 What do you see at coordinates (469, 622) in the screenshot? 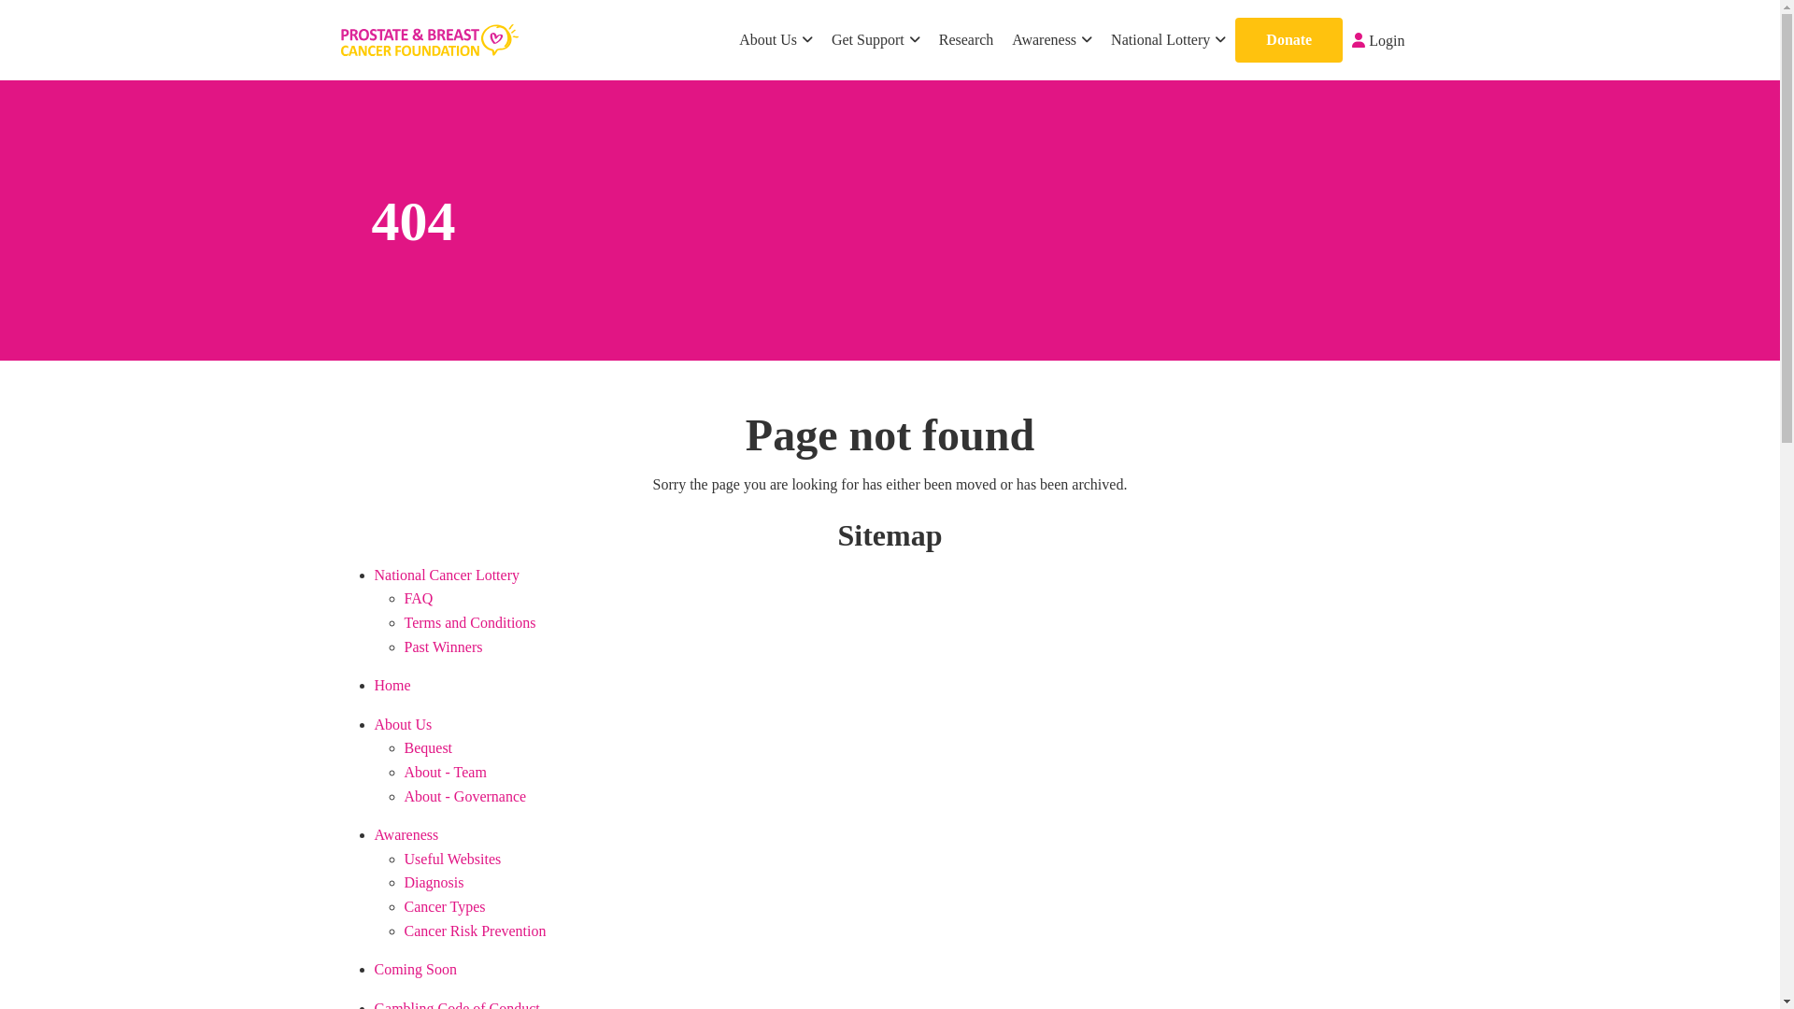
I see `'Terms and Conditions'` at bounding box center [469, 622].